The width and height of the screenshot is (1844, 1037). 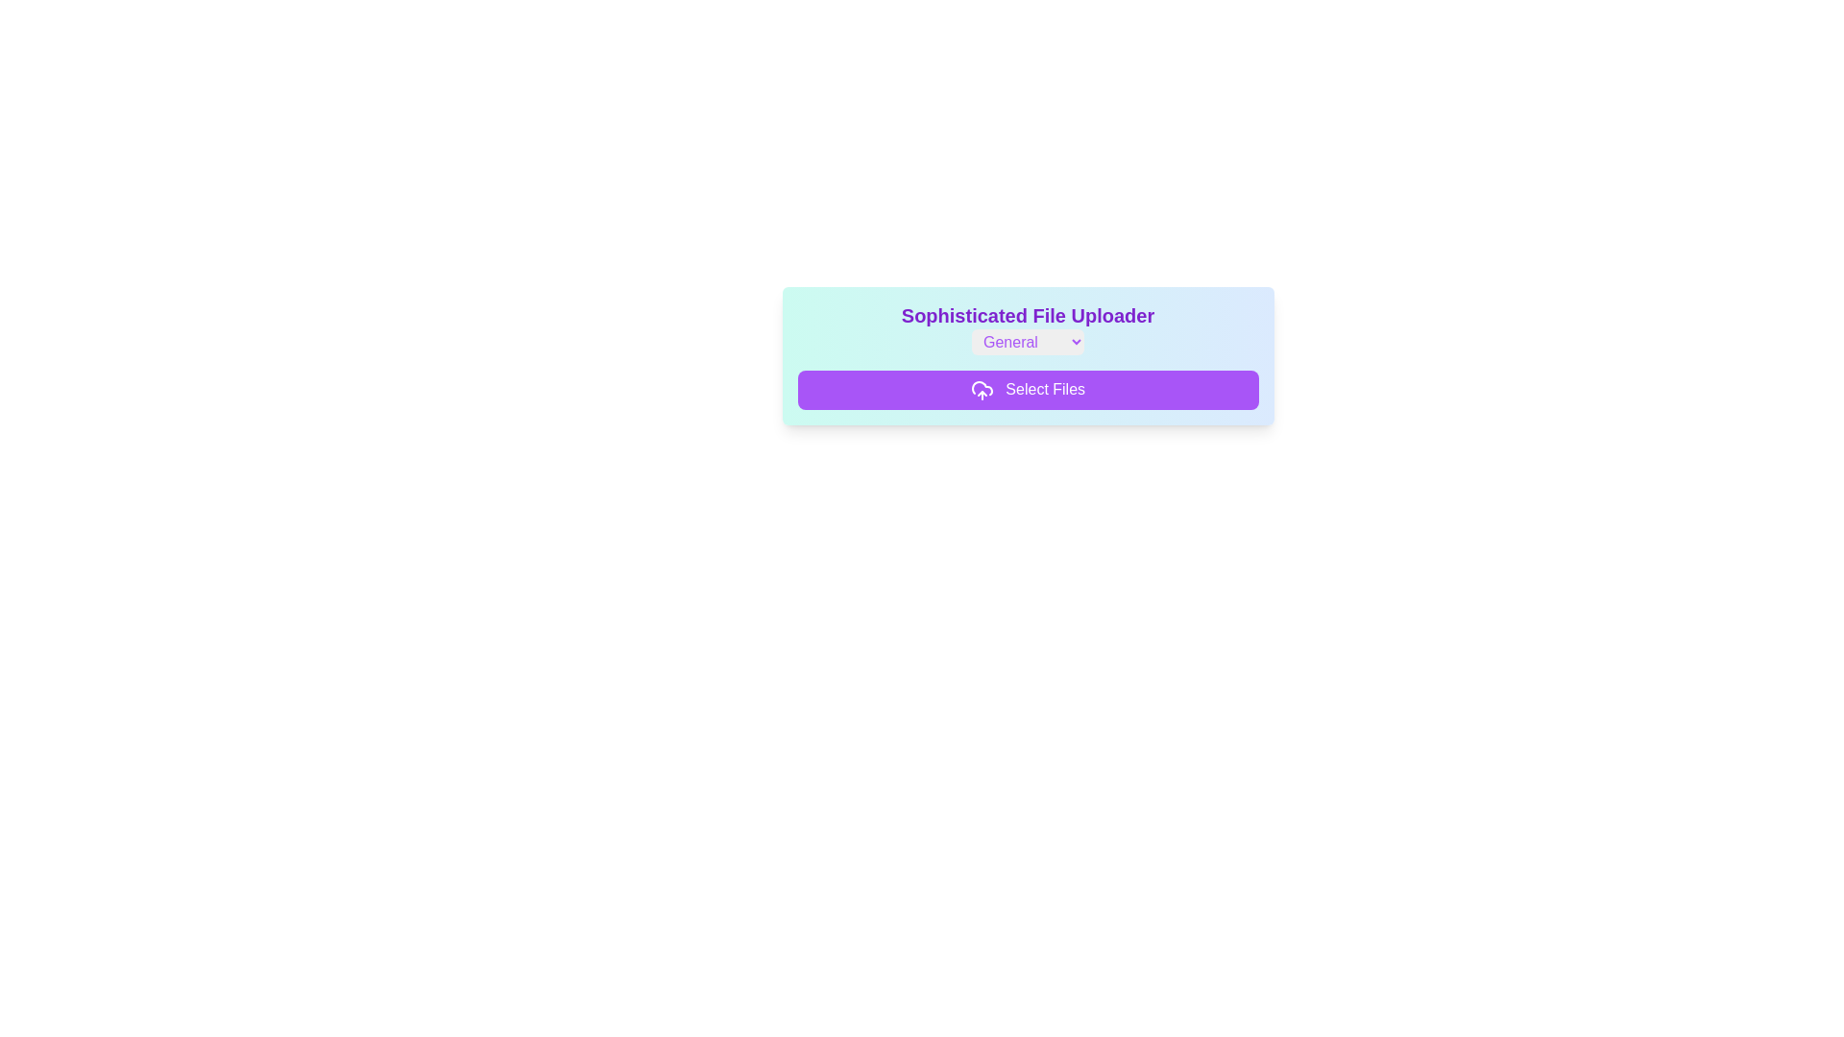 What do you see at coordinates (1027, 327) in the screenshot?
I see `the 'Sophisticated File Uploader' element with interactive segmented controls, which includes options 'General', 'Images', and 'Documents'` at bounding box center [1027, 327].